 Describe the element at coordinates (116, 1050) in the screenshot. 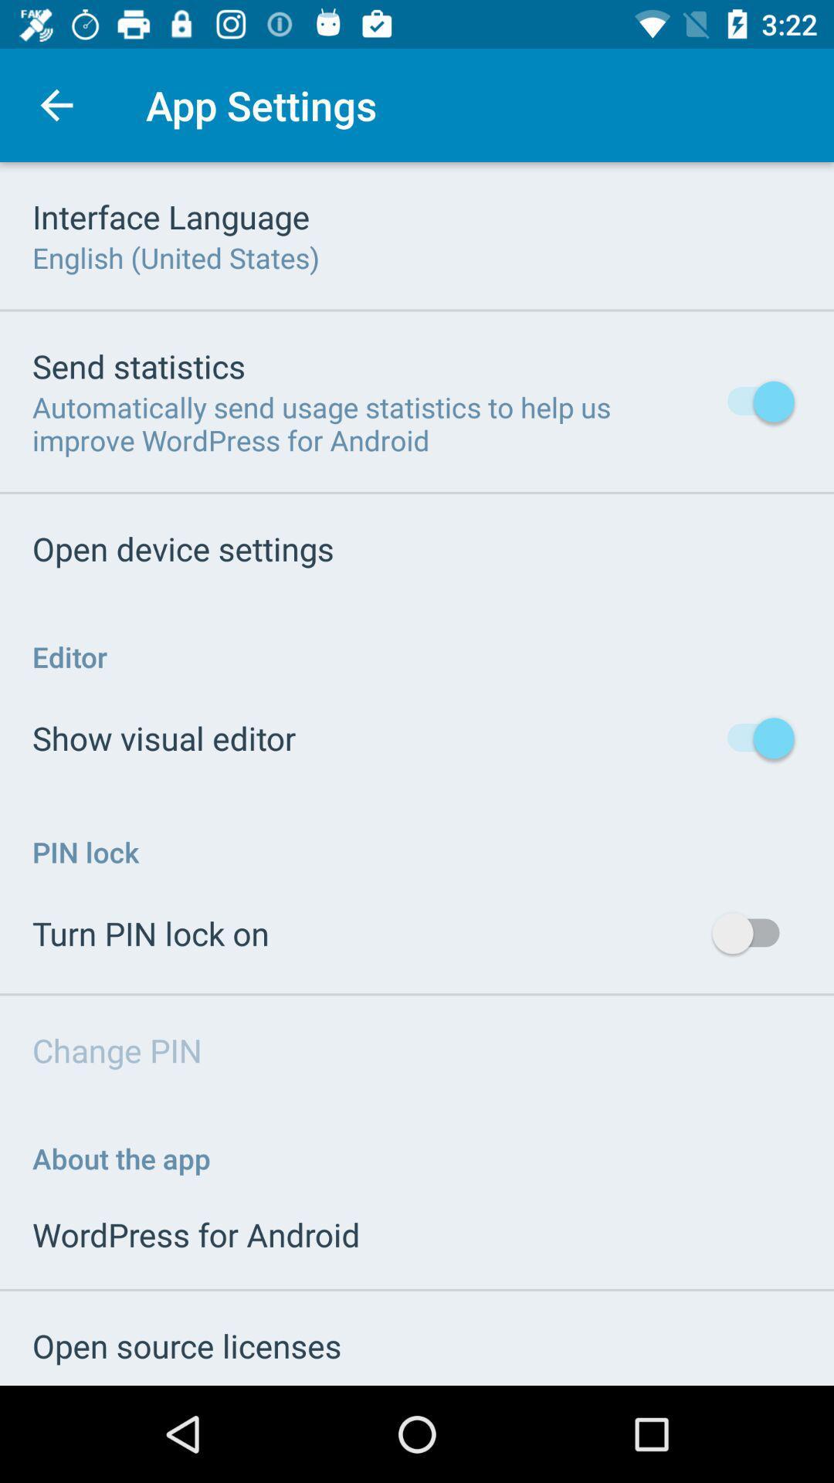

I see `the item below the turn pin lock icon` at that location.